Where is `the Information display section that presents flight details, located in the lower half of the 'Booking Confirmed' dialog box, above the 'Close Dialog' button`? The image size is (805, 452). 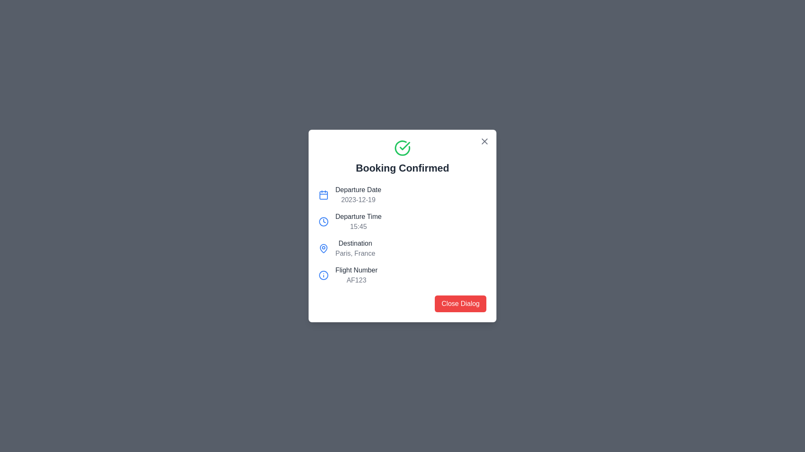
the Information display section that presents flight details, located in the lower half of the 'Booking Confirmed' dialog box, above the 'Close Dialog' button is located at coordinates (402, 235).